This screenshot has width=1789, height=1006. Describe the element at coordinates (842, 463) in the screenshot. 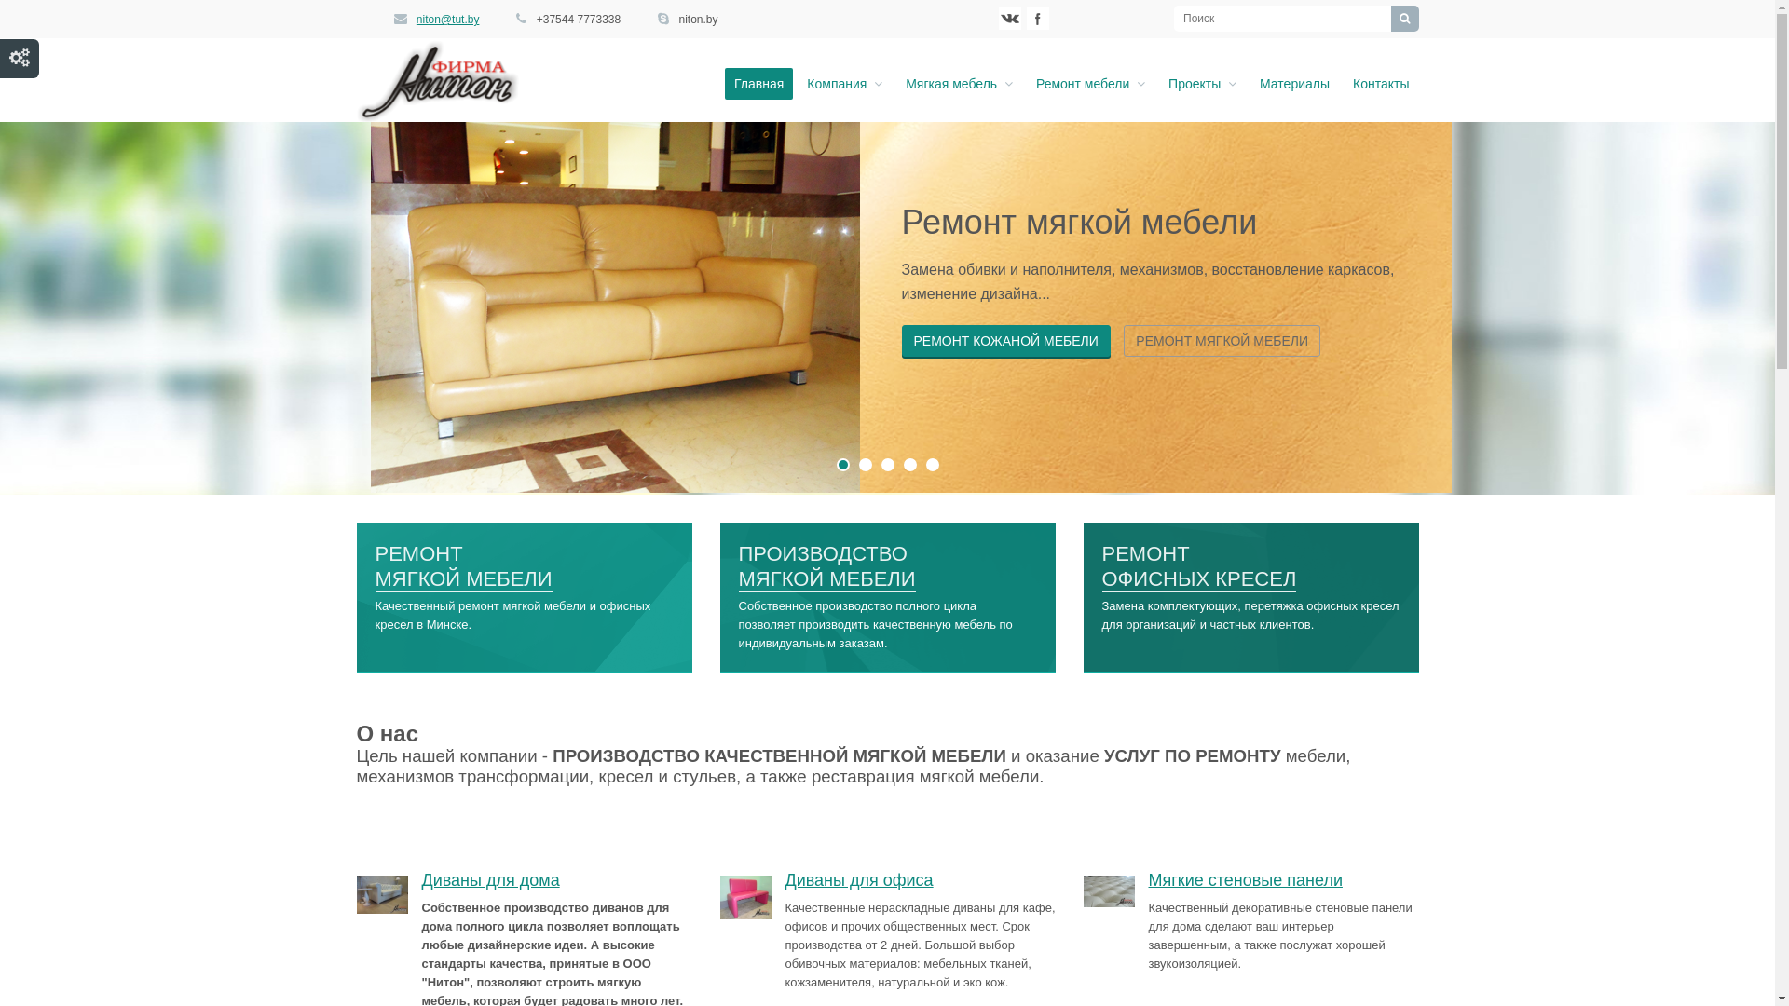

I see `'1'` at that location.